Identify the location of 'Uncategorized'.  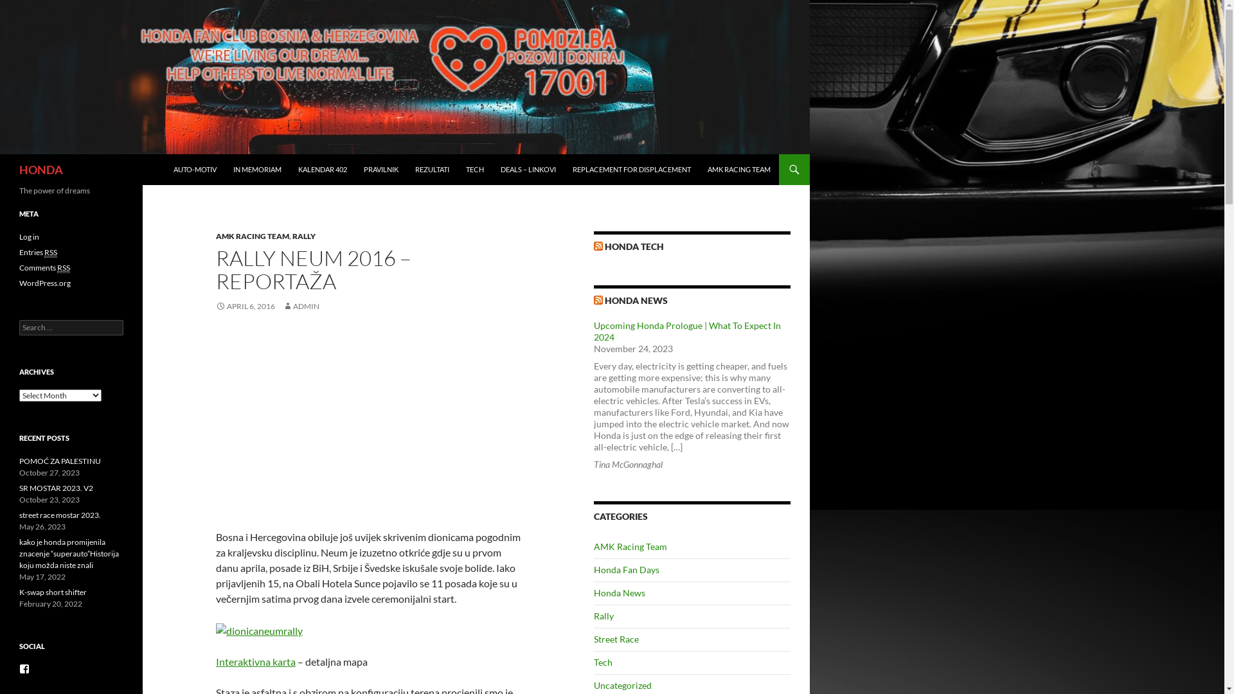
(623, 684).